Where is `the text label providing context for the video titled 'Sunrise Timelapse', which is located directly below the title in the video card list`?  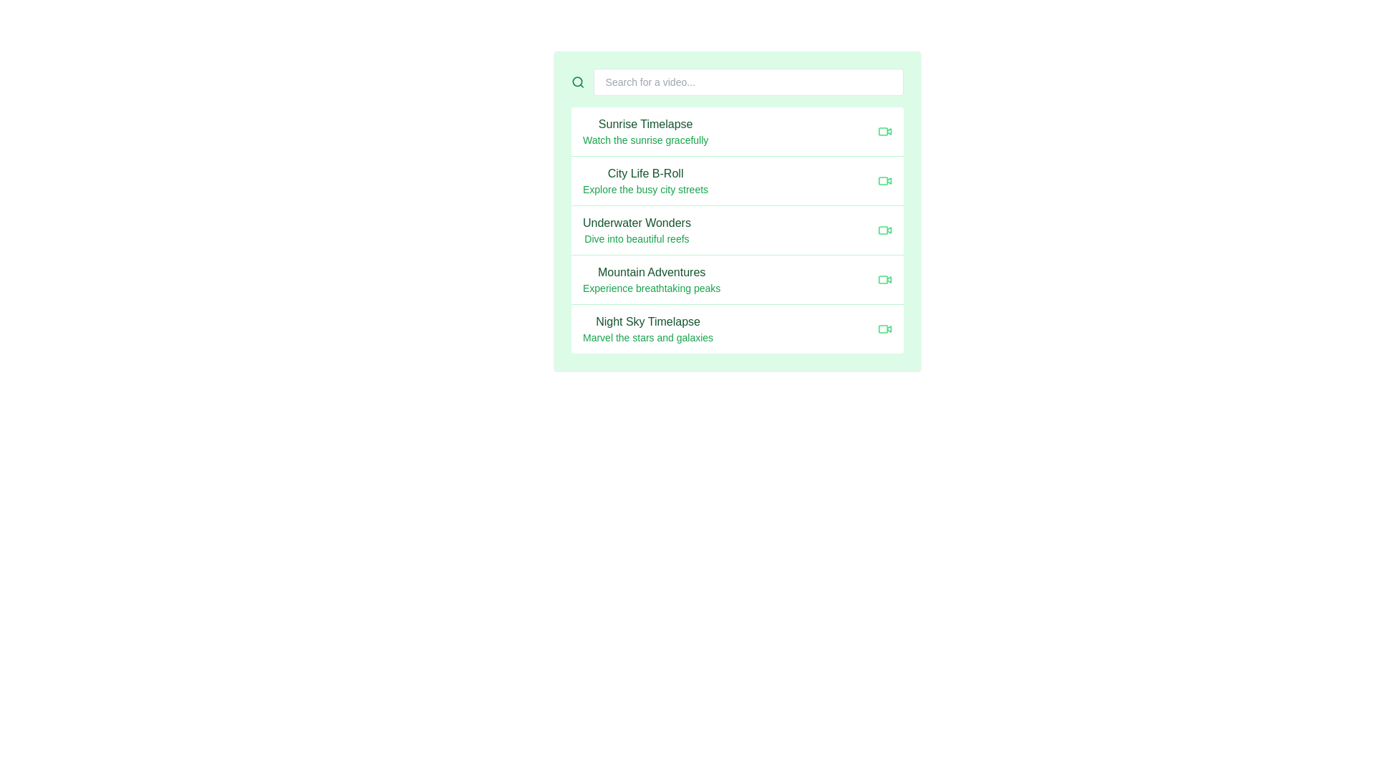 the text label providing context for the video titled 'Sunrise Timelapse', which is located directly below the title in the video card list is located at coordinates (645, 140).